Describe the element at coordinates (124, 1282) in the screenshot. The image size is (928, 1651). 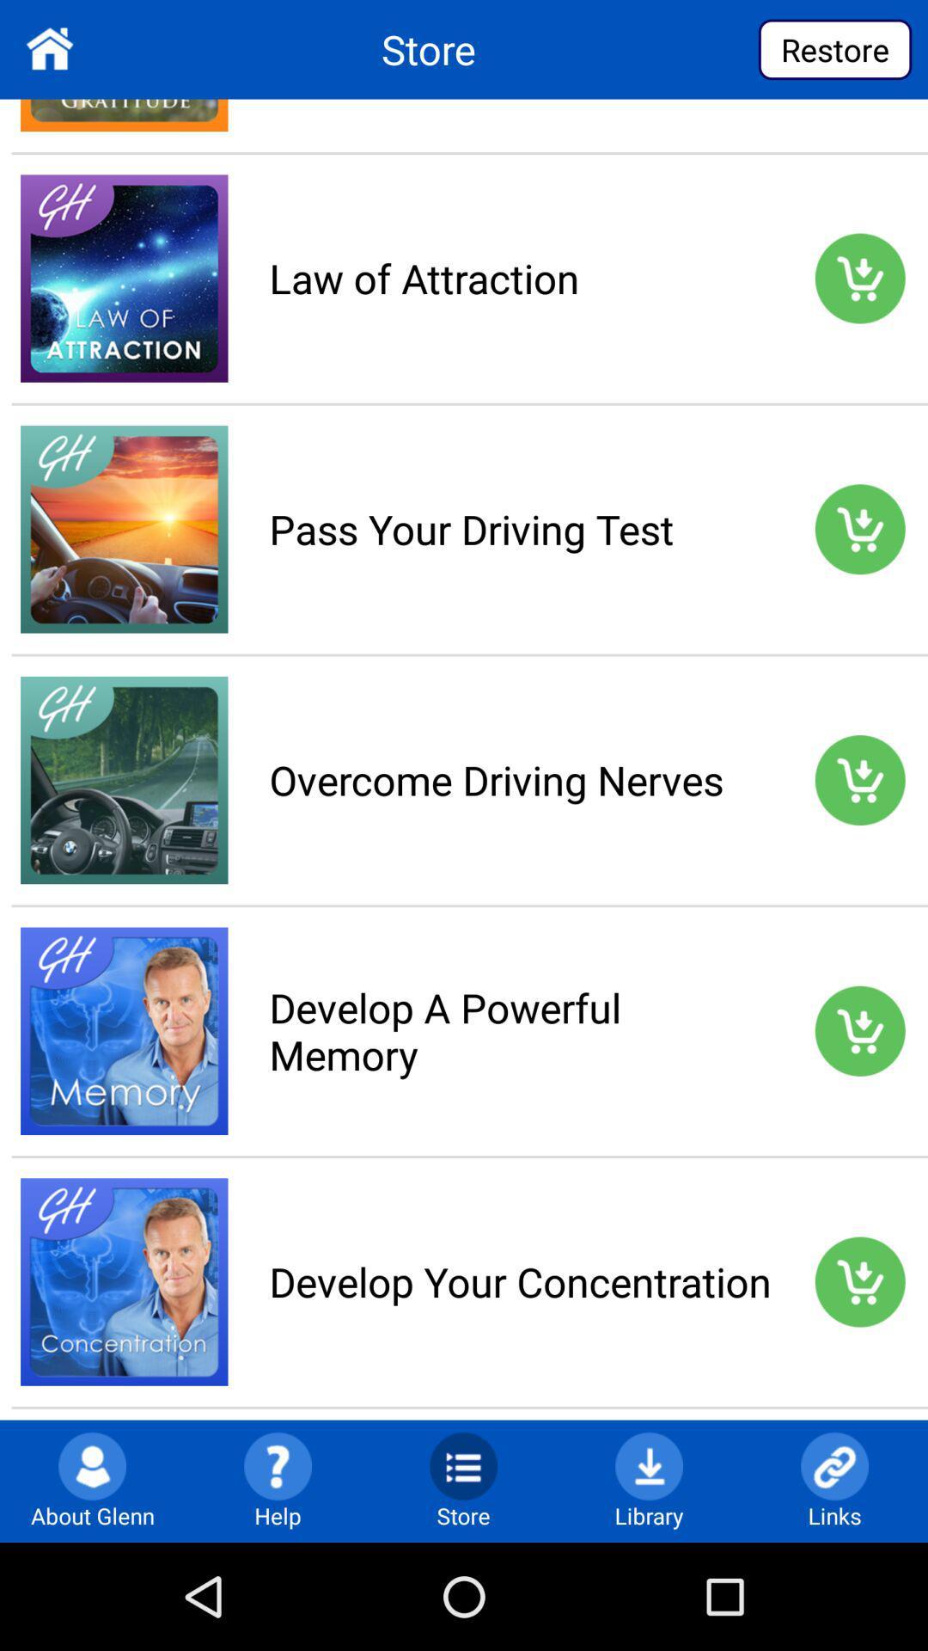
I see `the image beside develop your concentration on the page` at that location.